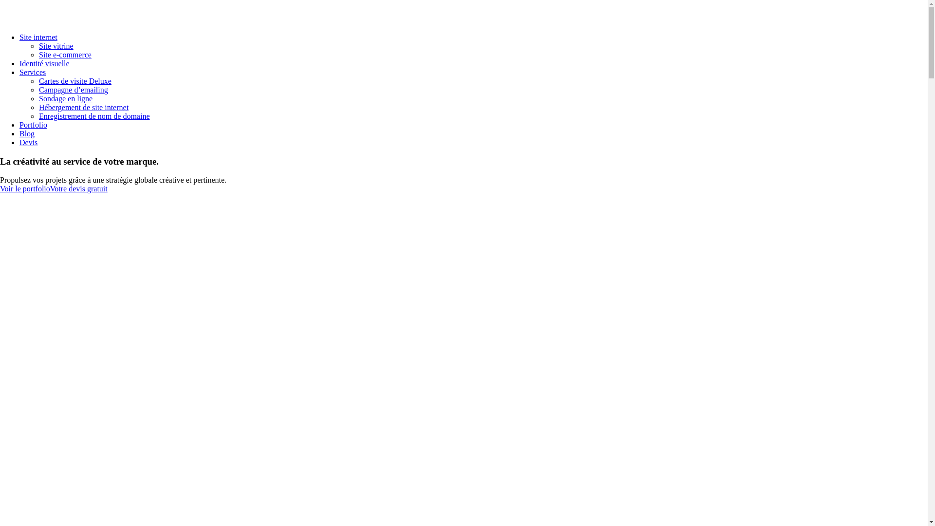 Image resolution: width=935 pixels, height=526 pixels. What do you see at coordinates (33, 124) in the screenshot?
I see `'Portfolio'` at bounding box center [33, 124].